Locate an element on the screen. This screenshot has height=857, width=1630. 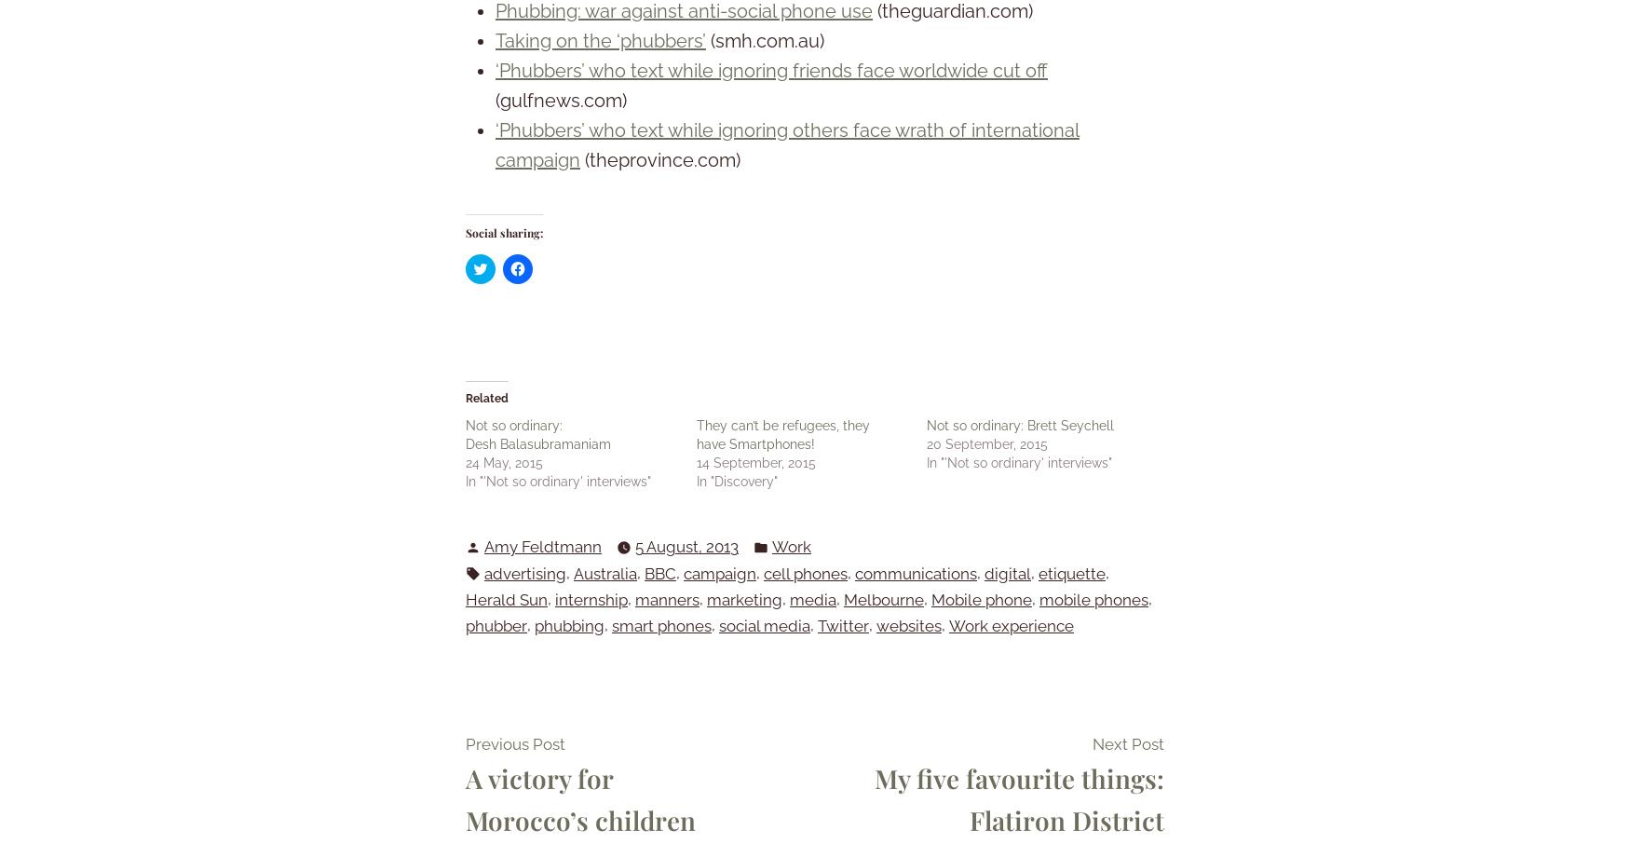
'(smh.com.au)' is located at coordinates (765, 40).